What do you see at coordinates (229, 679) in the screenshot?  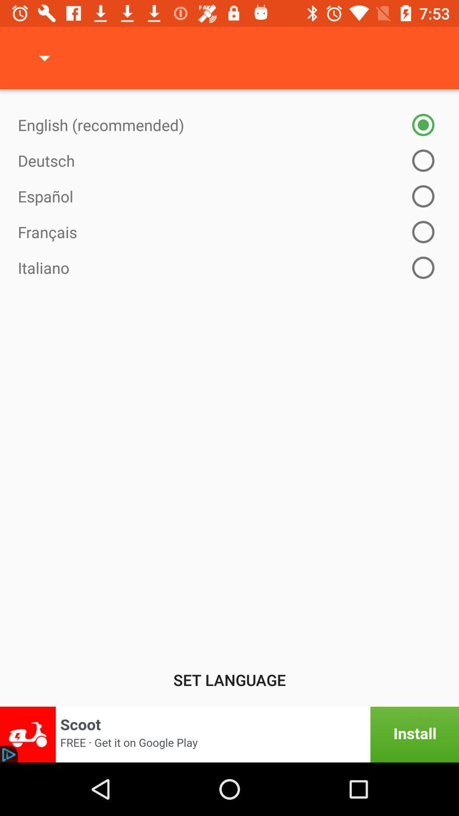 I see `set language item` at bounding box center [229, 679].